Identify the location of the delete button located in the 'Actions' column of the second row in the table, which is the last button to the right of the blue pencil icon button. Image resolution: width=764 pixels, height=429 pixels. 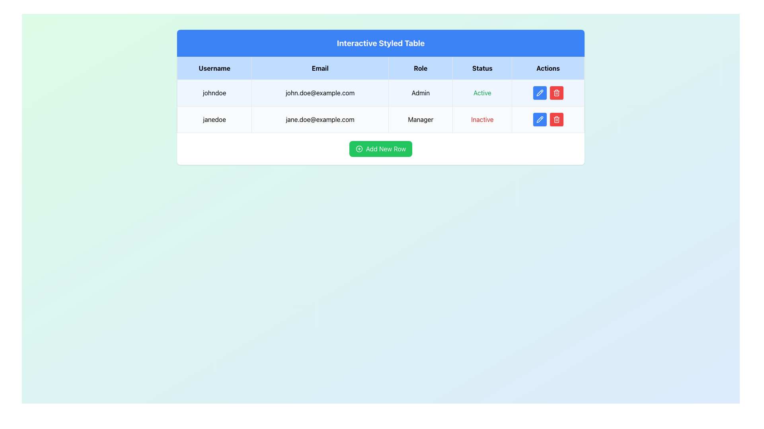
(556, 119).